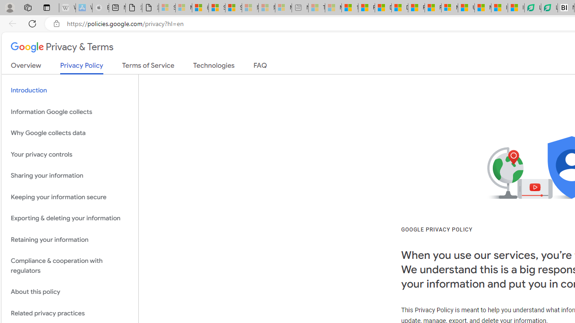 The width and height of the screenshot is (575, 323). Describe the element at coordinates (183, 8) in the screenshot. I see `'Microsoft Services Agreement - Sleeping'` at that location.